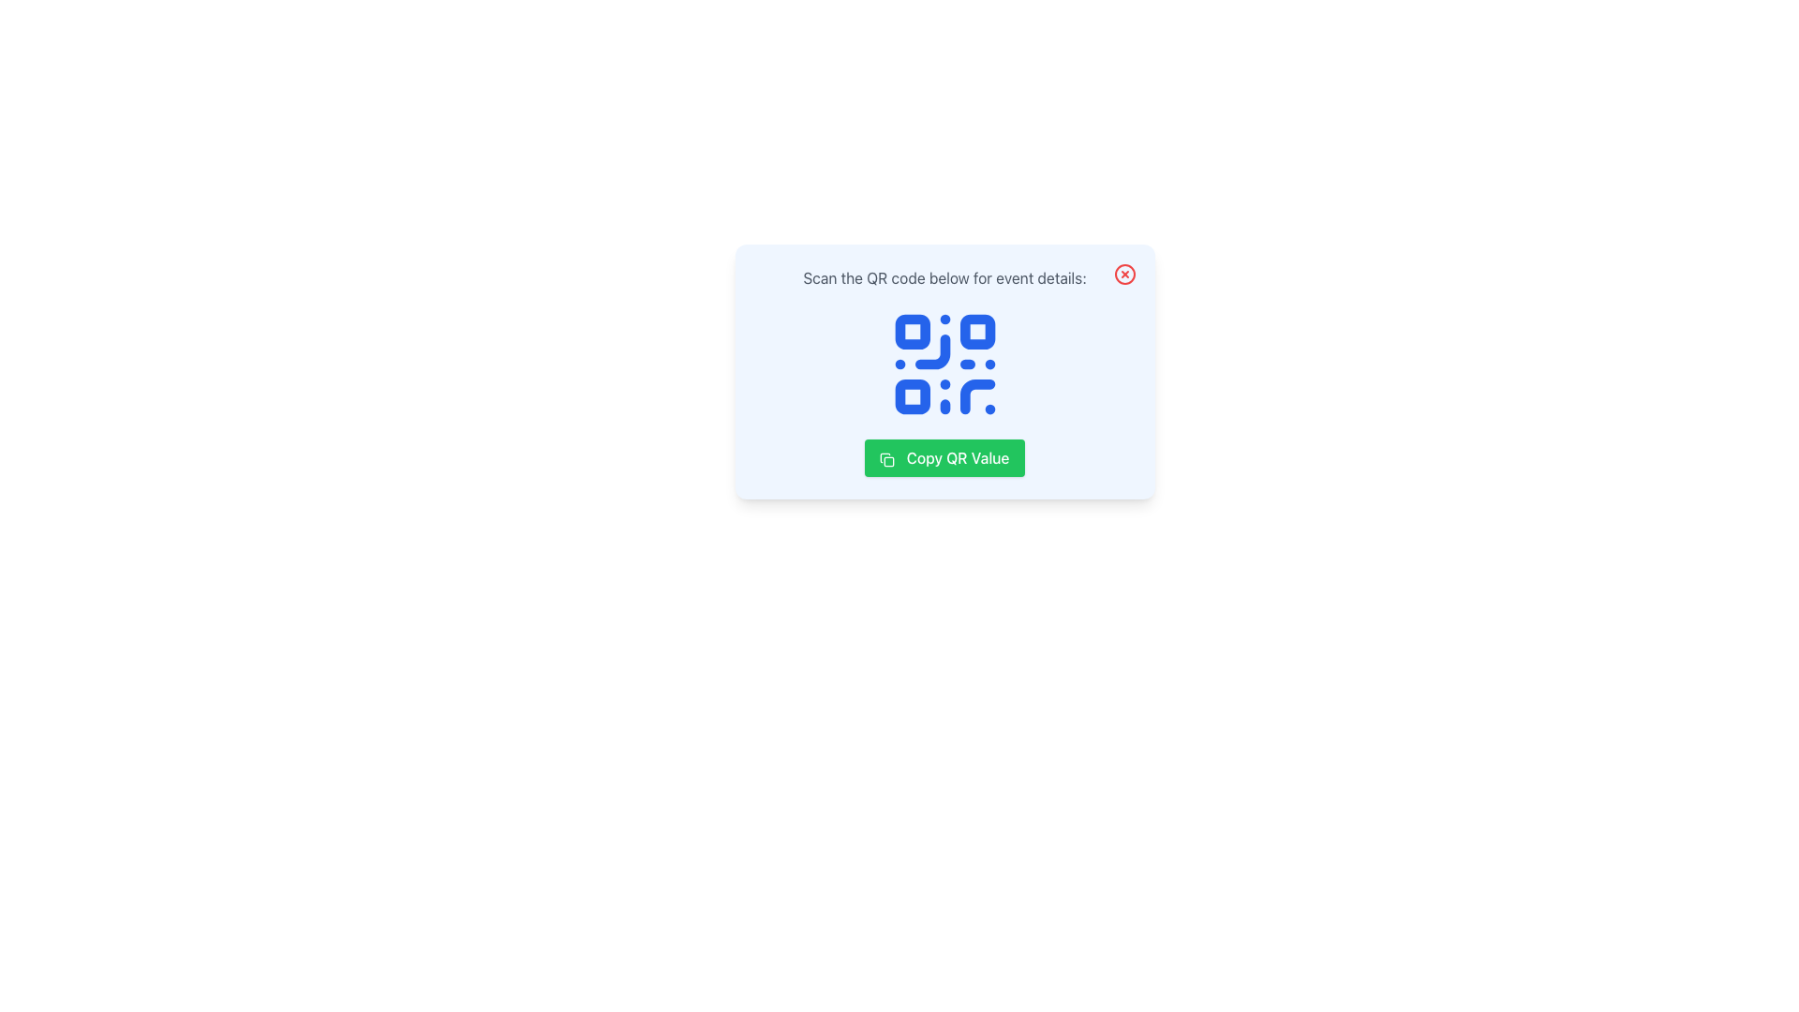 The image size is (1799, 1012). Describe the element at coordinates (976, 331) in the screenshot. I see `the second square from the left in the top row of smaller squares within the QR code's graphical structure, which is centered inside a modal dialog` at that location.